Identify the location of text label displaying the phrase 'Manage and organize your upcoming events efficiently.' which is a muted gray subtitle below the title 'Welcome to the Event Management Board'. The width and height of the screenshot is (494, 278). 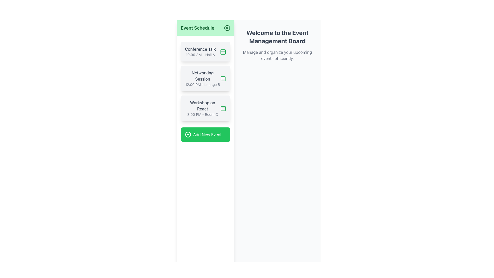
(277, 55).